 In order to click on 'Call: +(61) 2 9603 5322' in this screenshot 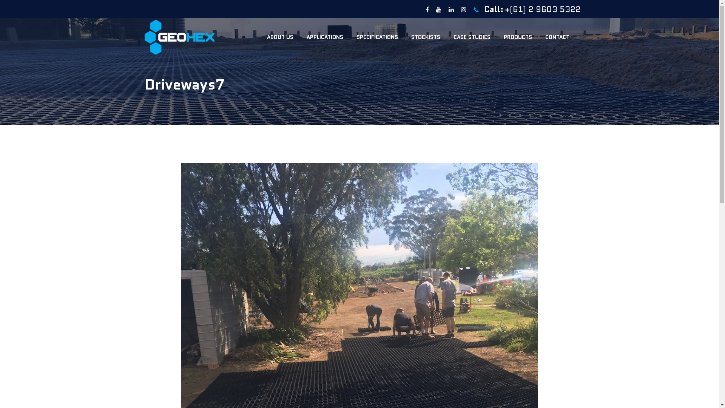, I will do `click(526, 10)`.